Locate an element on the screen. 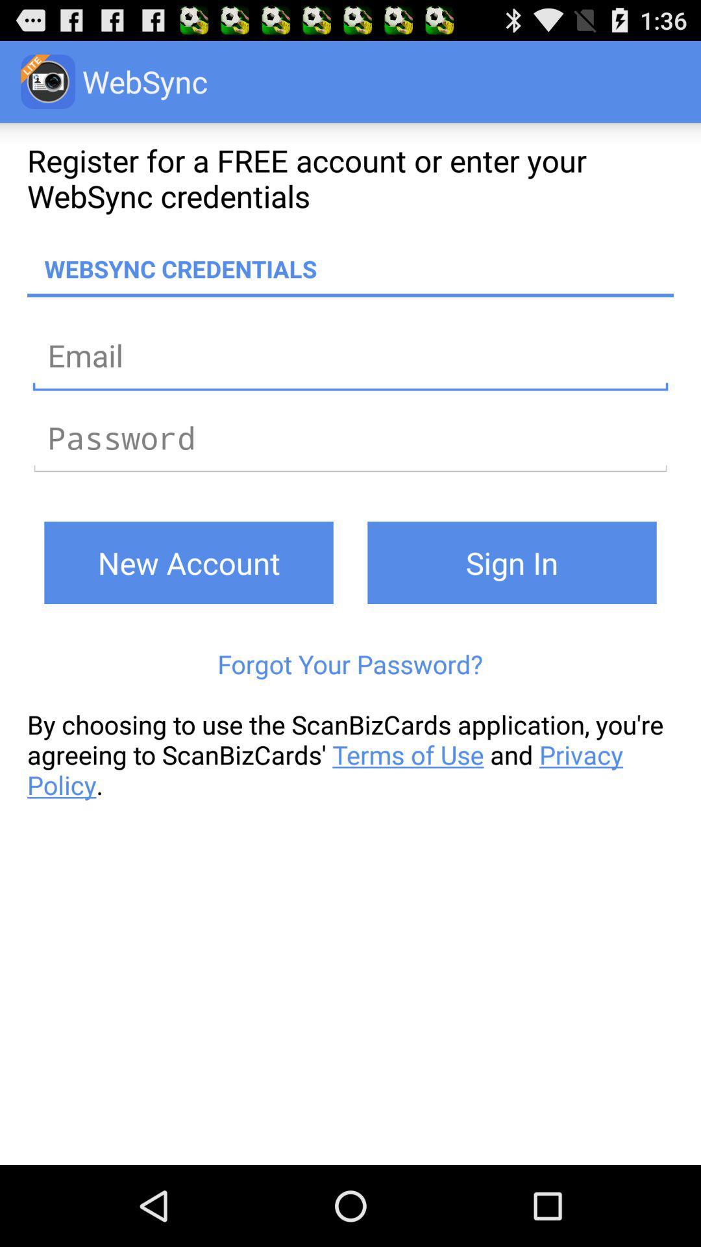  icon above by choosing to app is located at coordinates (349, 664).